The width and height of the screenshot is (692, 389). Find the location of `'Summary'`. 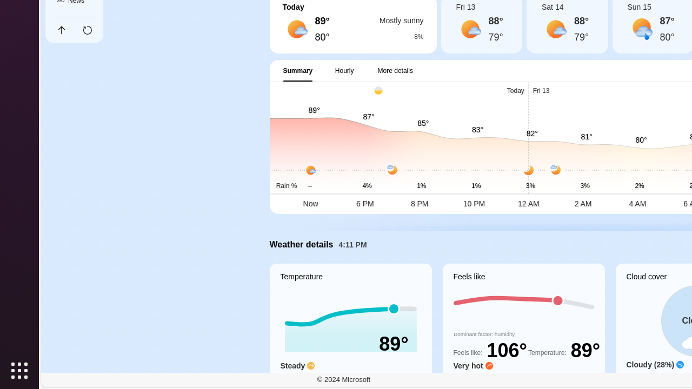

'Summary' is located at coordinates (298, 70).